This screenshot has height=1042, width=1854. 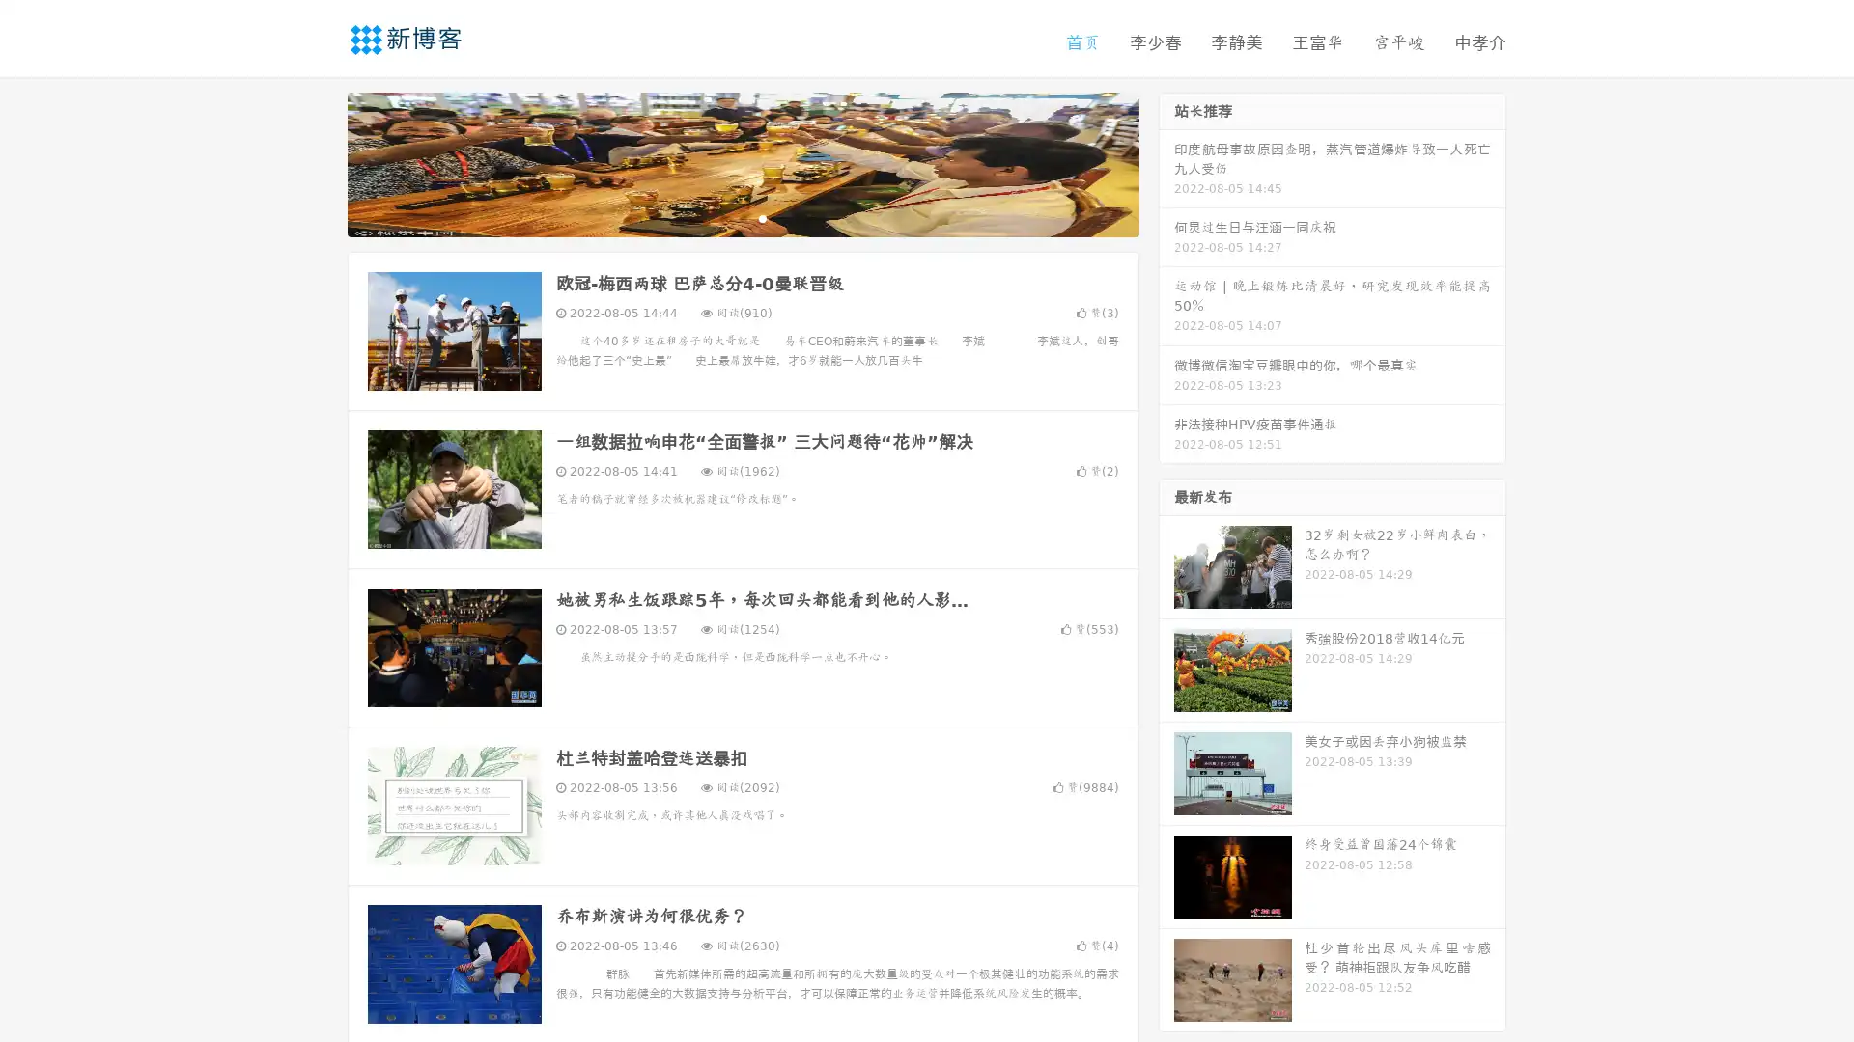 What do you see at coordinates (762, 217) in the screenshot?
I see `Go to slide 3` at bounding box center [762, 217].